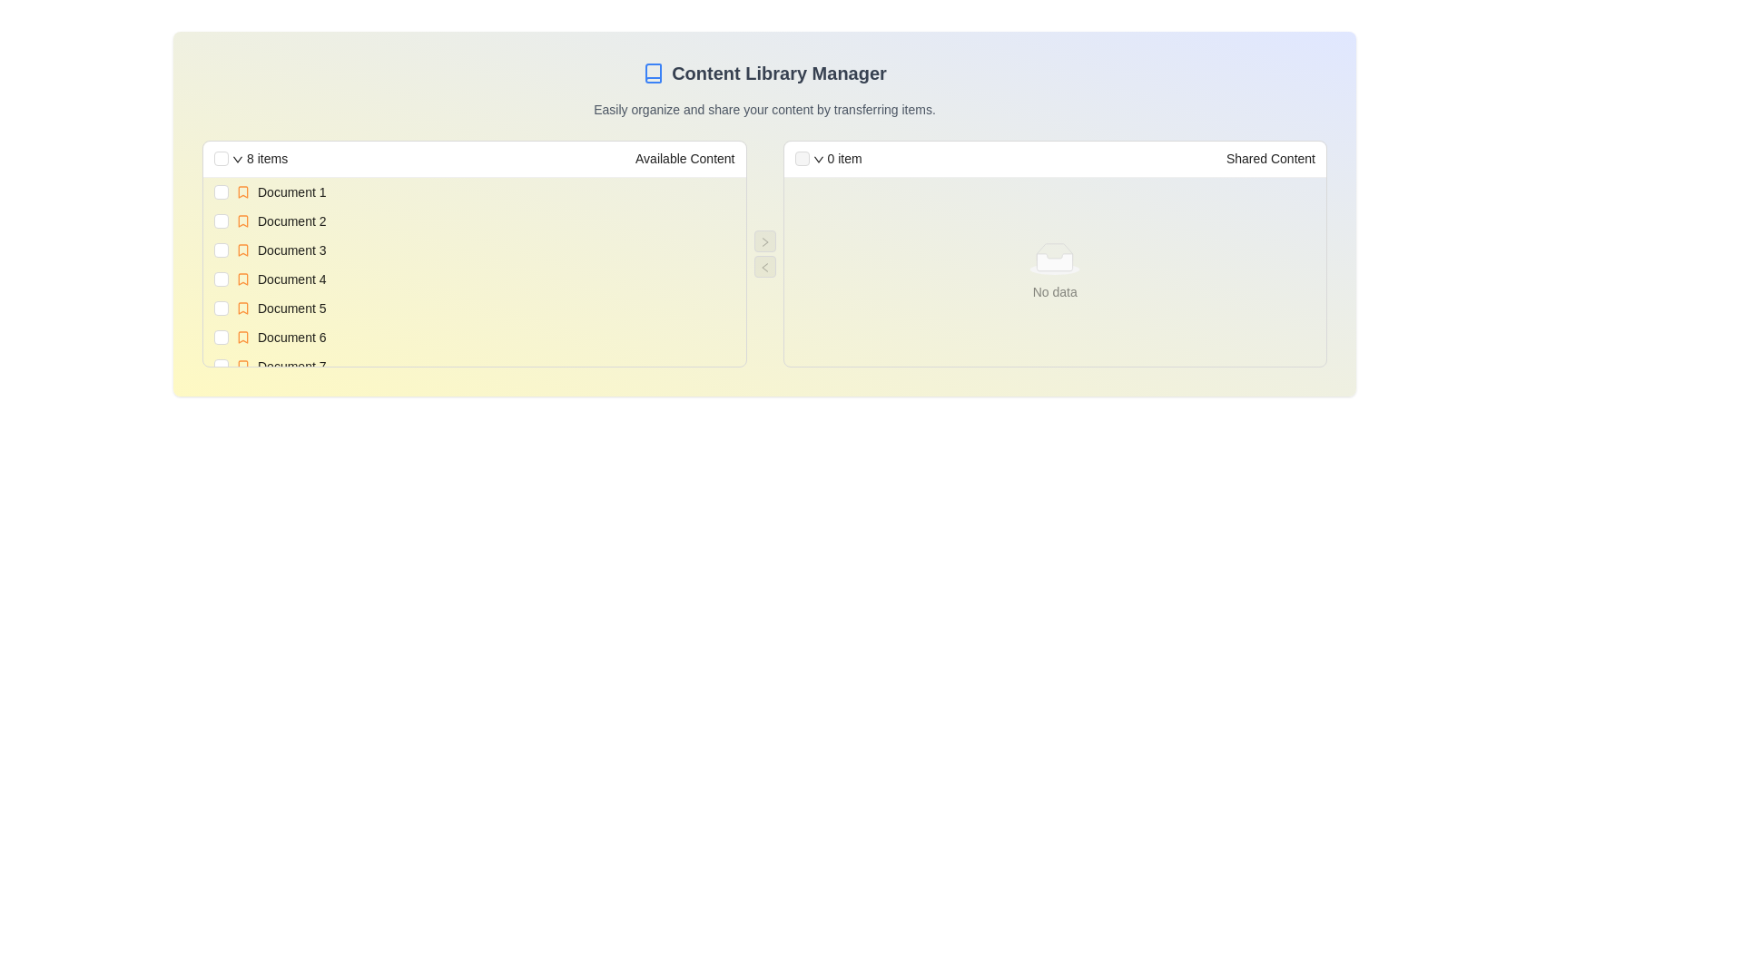  Describe the element at coordinates (242, 307) in the screenshot. I see `the orange bookmark SVG icon located to the left of the text 'Document 5'` at that location.